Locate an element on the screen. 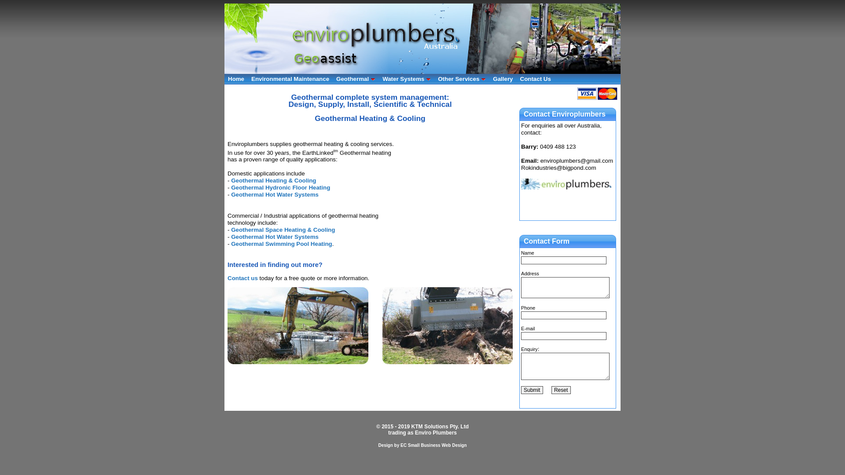 The height and width of the screenshot is (475, 845). 'YouTube video player' is located at coordinates (458, 207).